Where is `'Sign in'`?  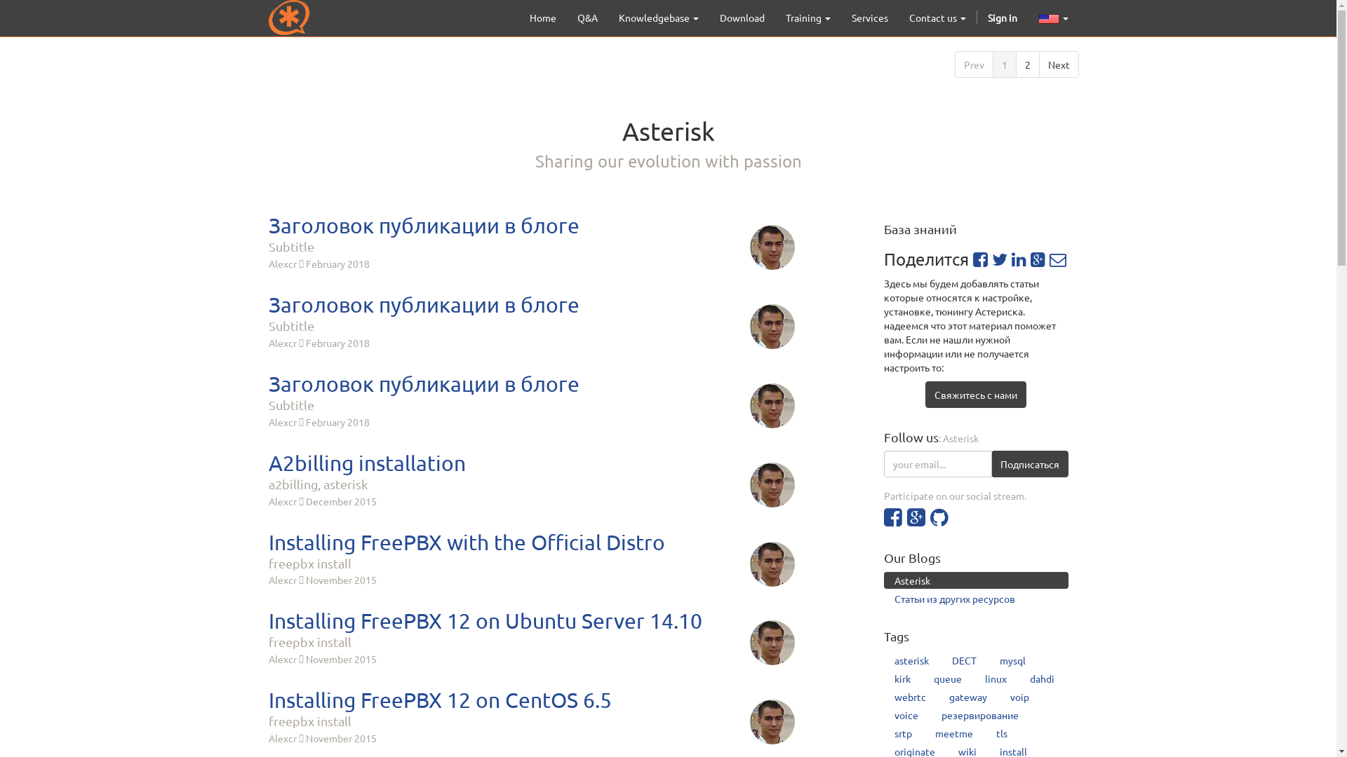
'Sign in' is located at coordinates (976, 17).